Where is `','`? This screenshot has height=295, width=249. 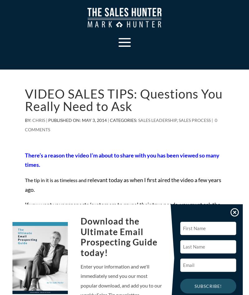 ',' is located at coordinates (177, 120).